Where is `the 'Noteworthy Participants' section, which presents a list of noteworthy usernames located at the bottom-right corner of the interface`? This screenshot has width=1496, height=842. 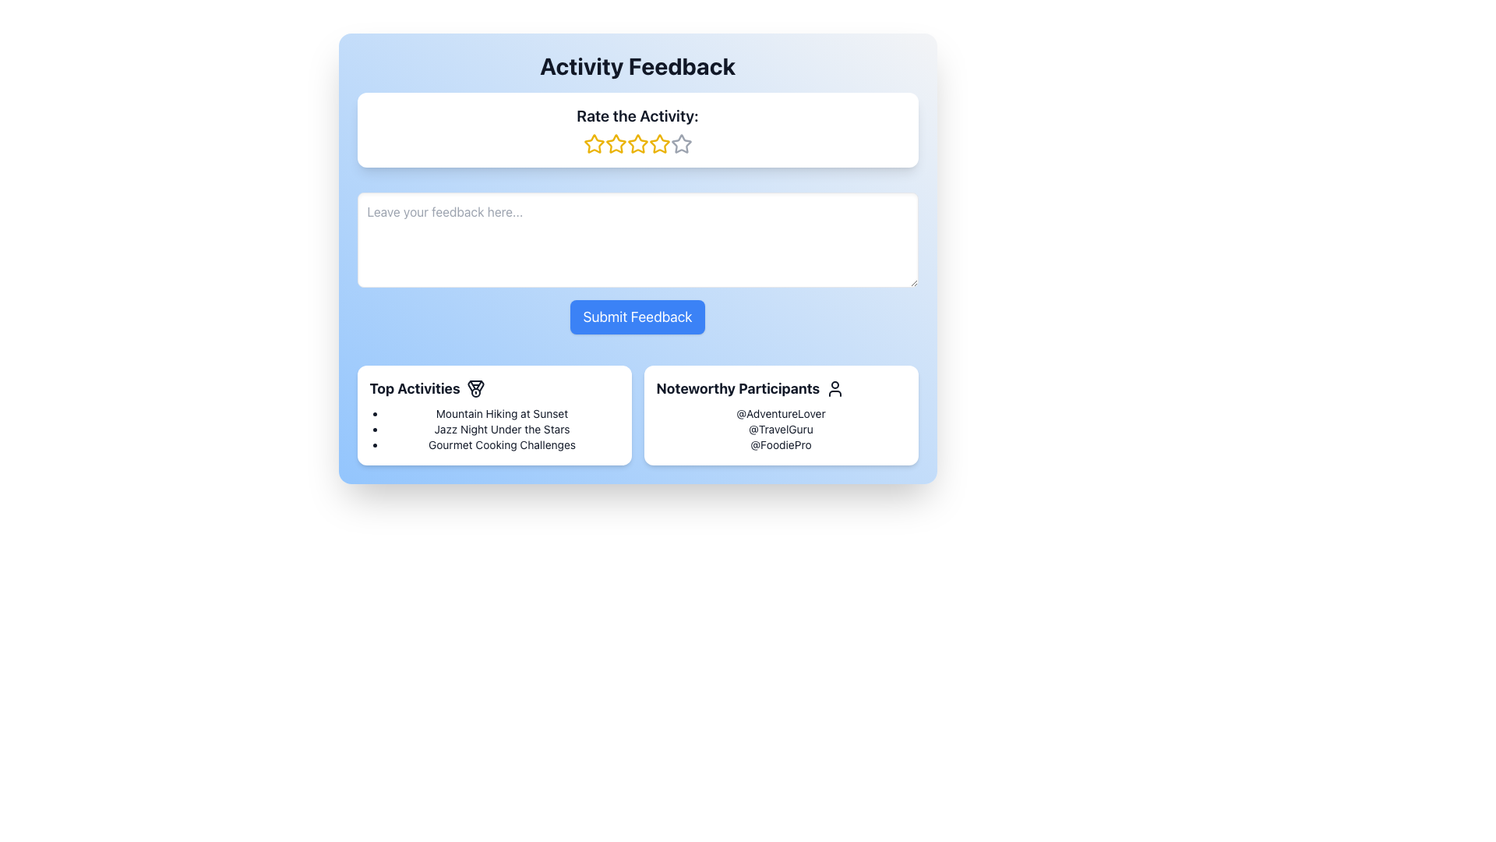
the 'Noteworthy Participants' section, which presents a list of noteworthy usernames located at the bottom-right corner of the interface is located at coordinates (781, 430).